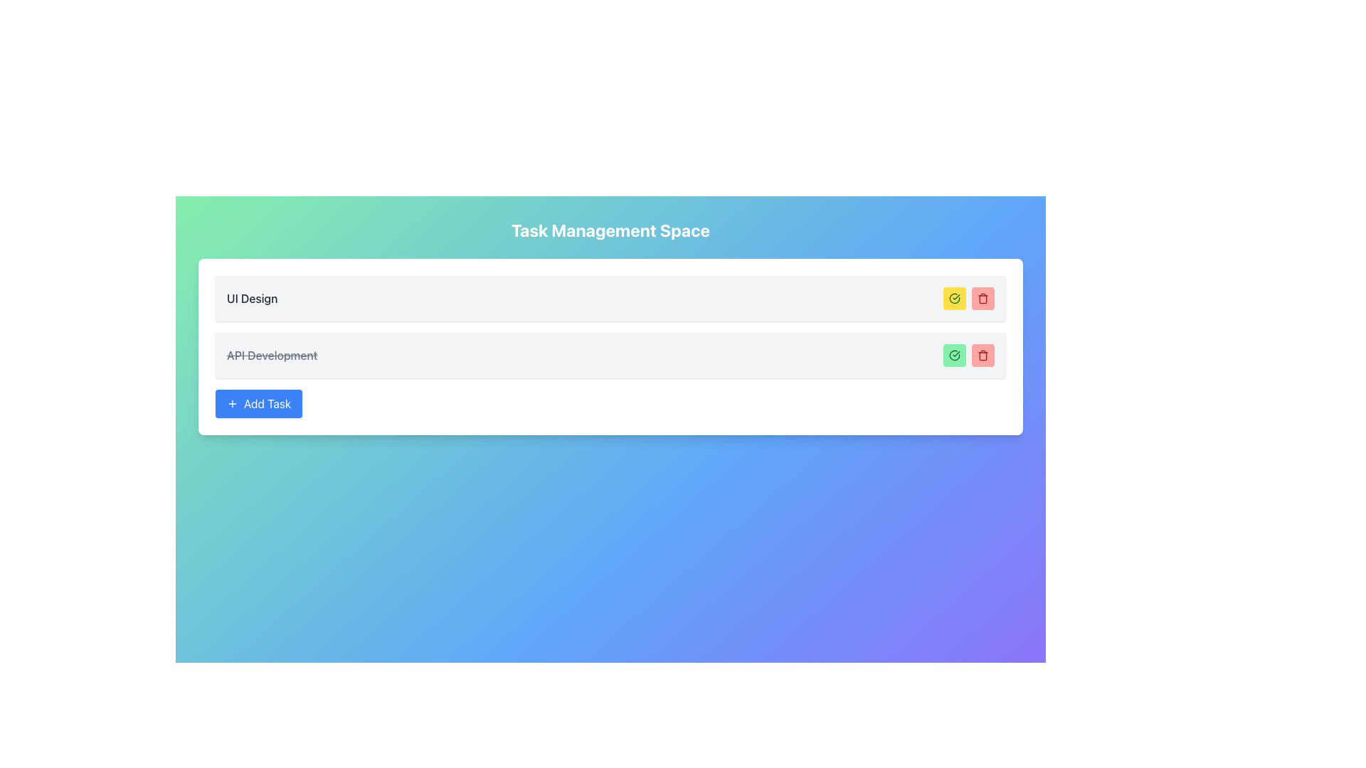 Image resolution: width=1366 pixels, height=768 pixels. What do you see at coordinates (610, 298) in the screenshot?
I see `the task card component displaying the title 'UI Design' in the task management interface` at bounding box center [610, 298].